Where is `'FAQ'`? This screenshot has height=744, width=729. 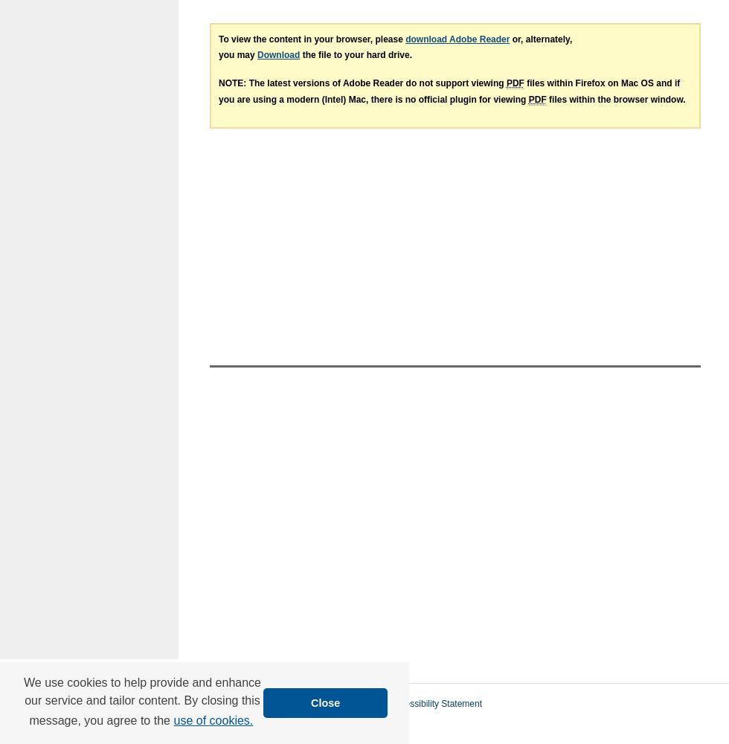
'FAQ' is located at coordinates (287, 703).